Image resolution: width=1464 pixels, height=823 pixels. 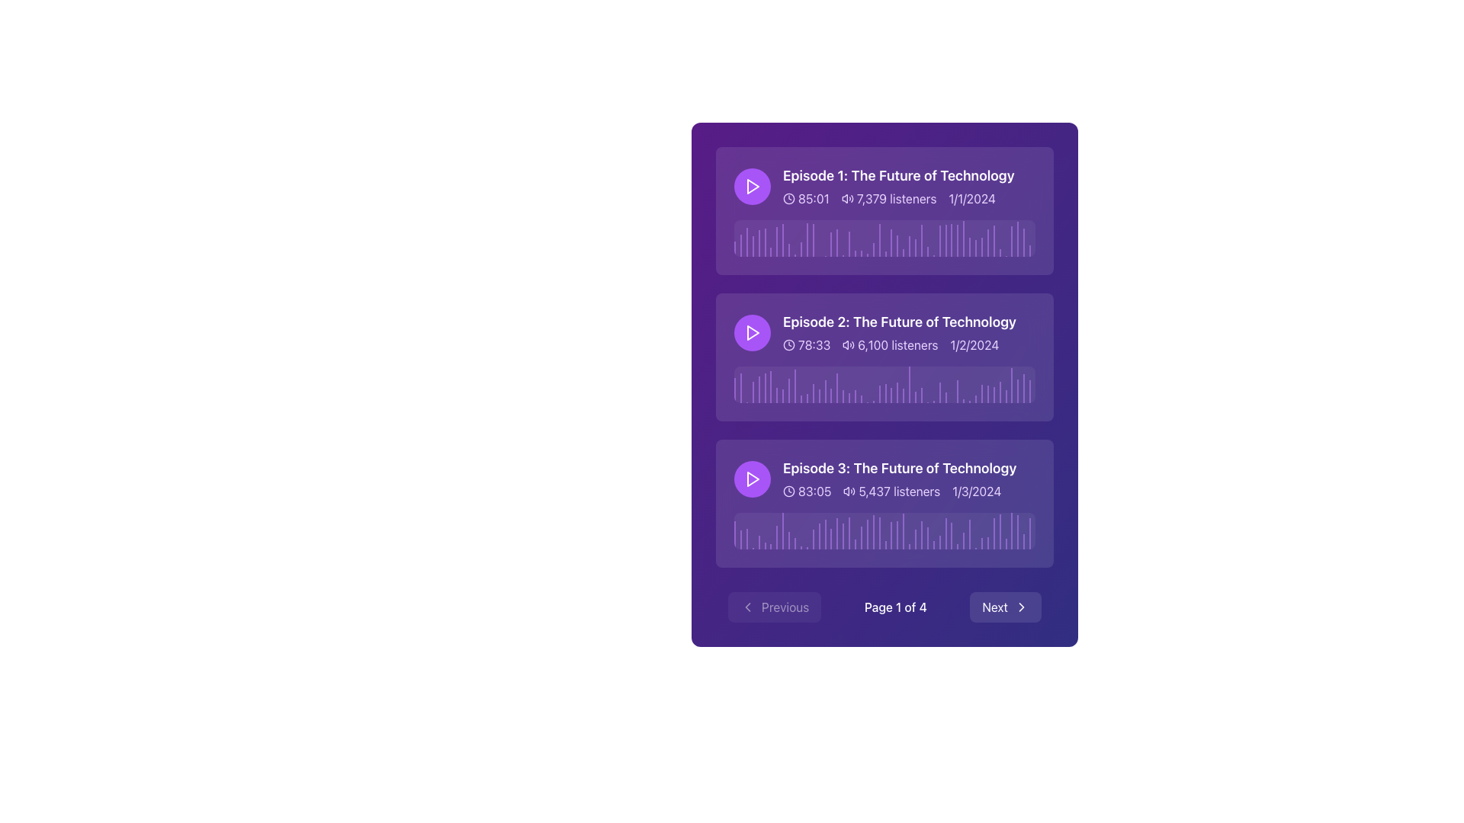 I want to click on the vertical purple bar representing the 23rd marker in the horizontal timeline for 'Episode 3: The Future of Technology', so click(x=867, y=533).